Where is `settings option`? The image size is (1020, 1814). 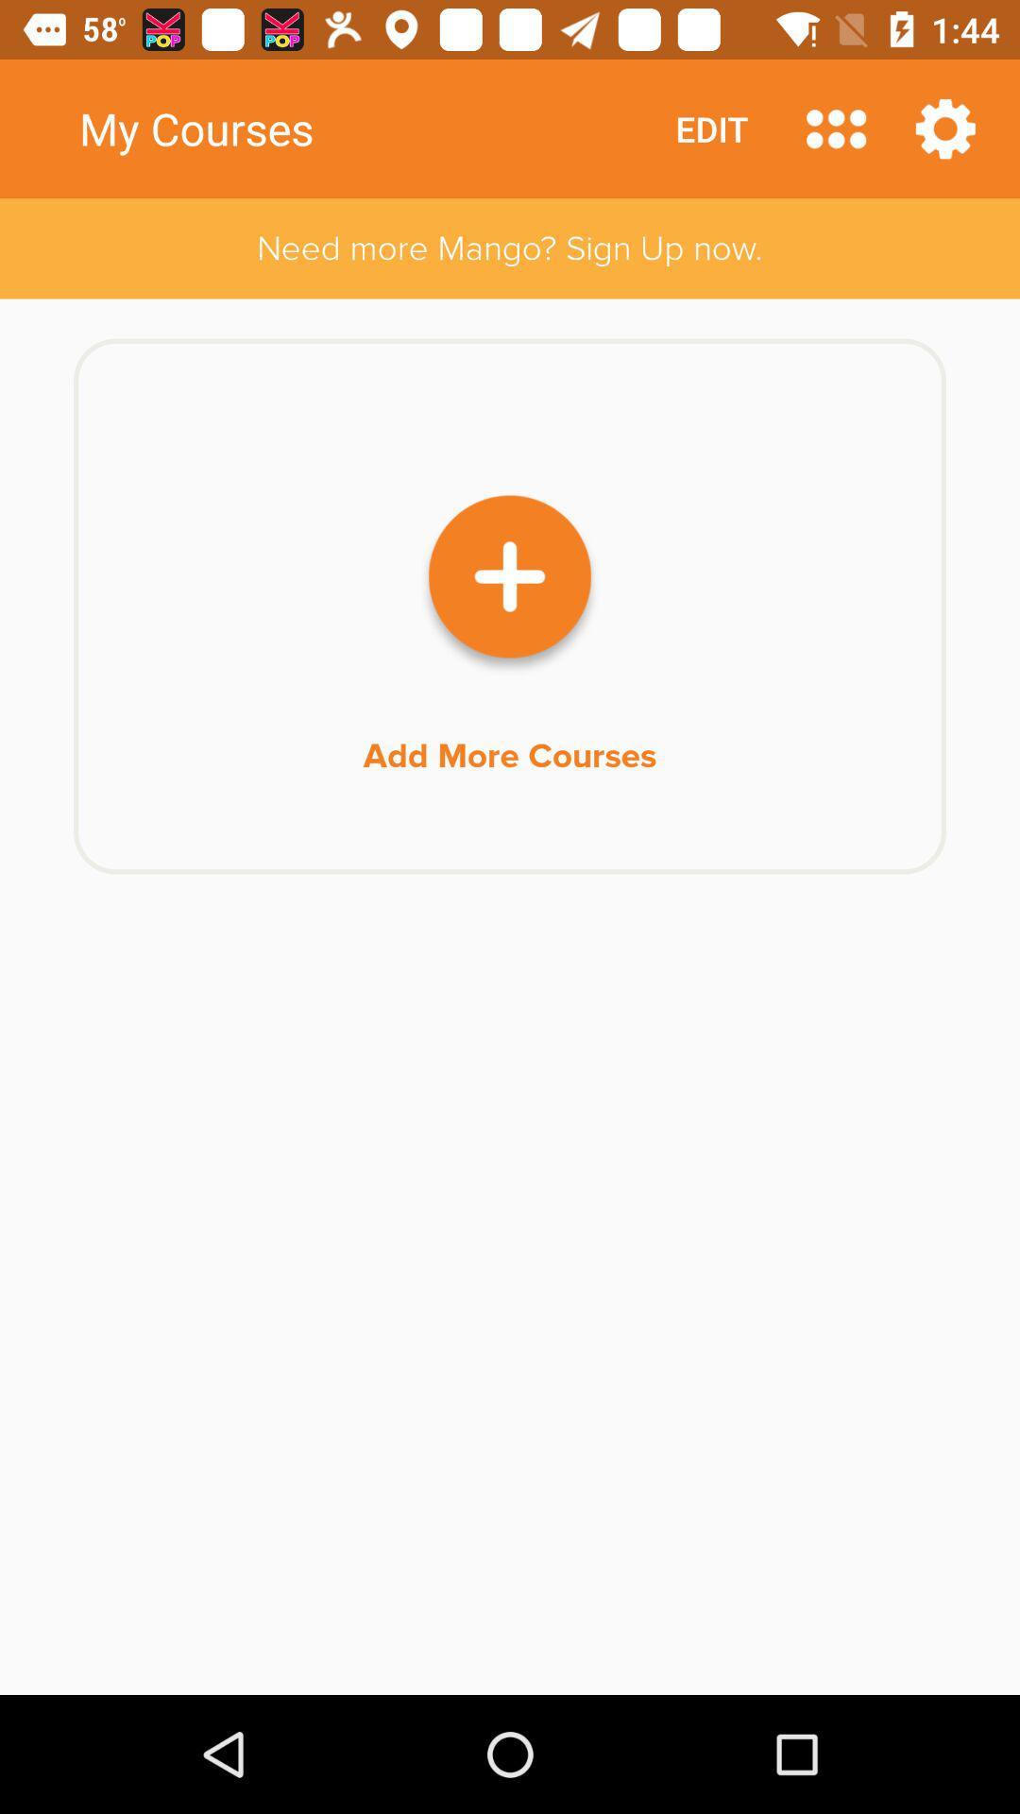 settings option is located at coordinates (945, 128).